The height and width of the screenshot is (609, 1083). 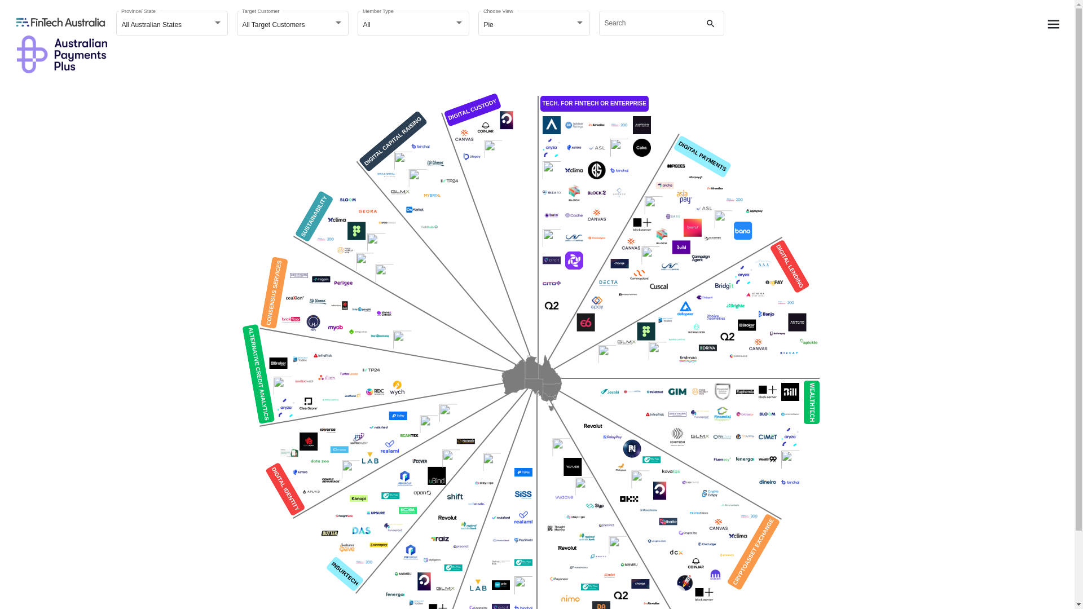 I want to click on 'Frankie Financial Pty Ltd', so click(x=349, y=469).